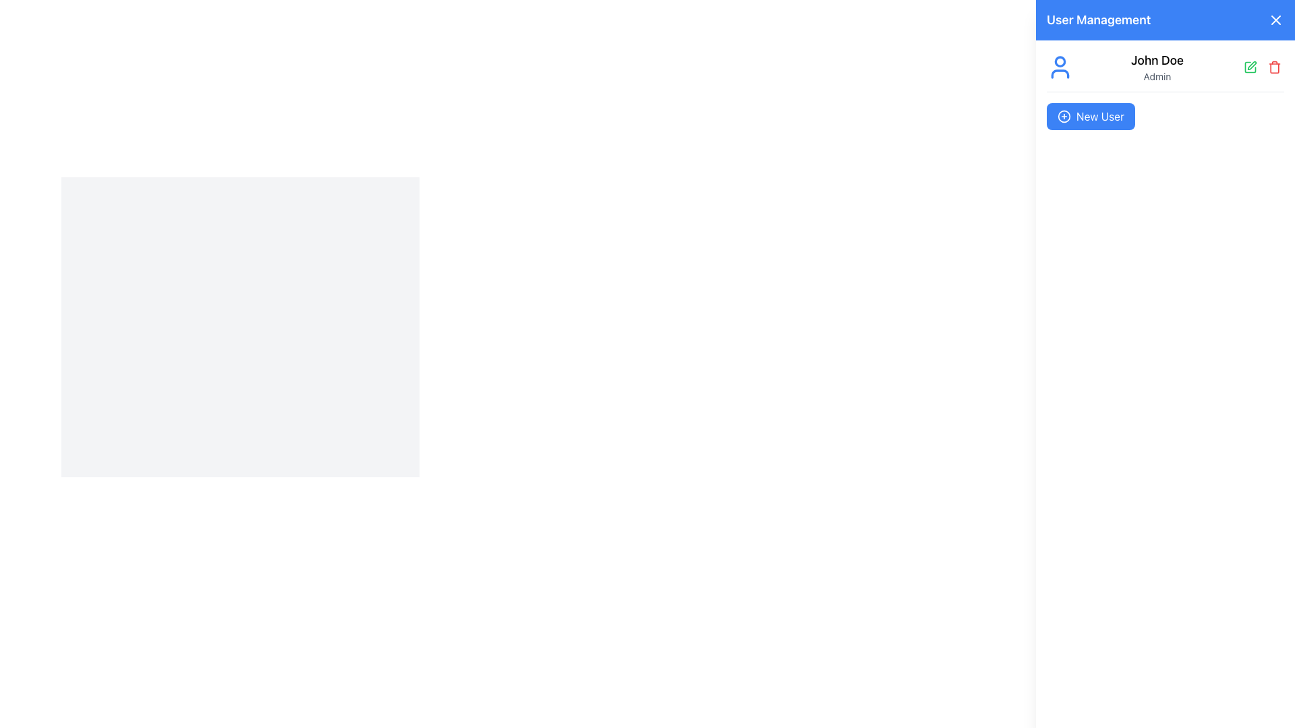 The width and height of the screenshot is (1295, 728). Describe the element at coordinates (1100, 116) in the screenshot. I see `the 'New User' text component within the blue button located in the lower section of the 'User Management' panel` at that location.